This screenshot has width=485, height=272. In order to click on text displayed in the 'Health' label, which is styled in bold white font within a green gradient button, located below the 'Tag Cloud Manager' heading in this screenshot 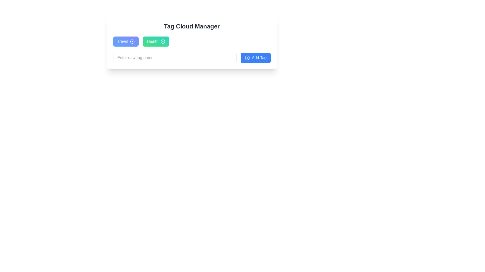, I will do `click(152, 41)`.